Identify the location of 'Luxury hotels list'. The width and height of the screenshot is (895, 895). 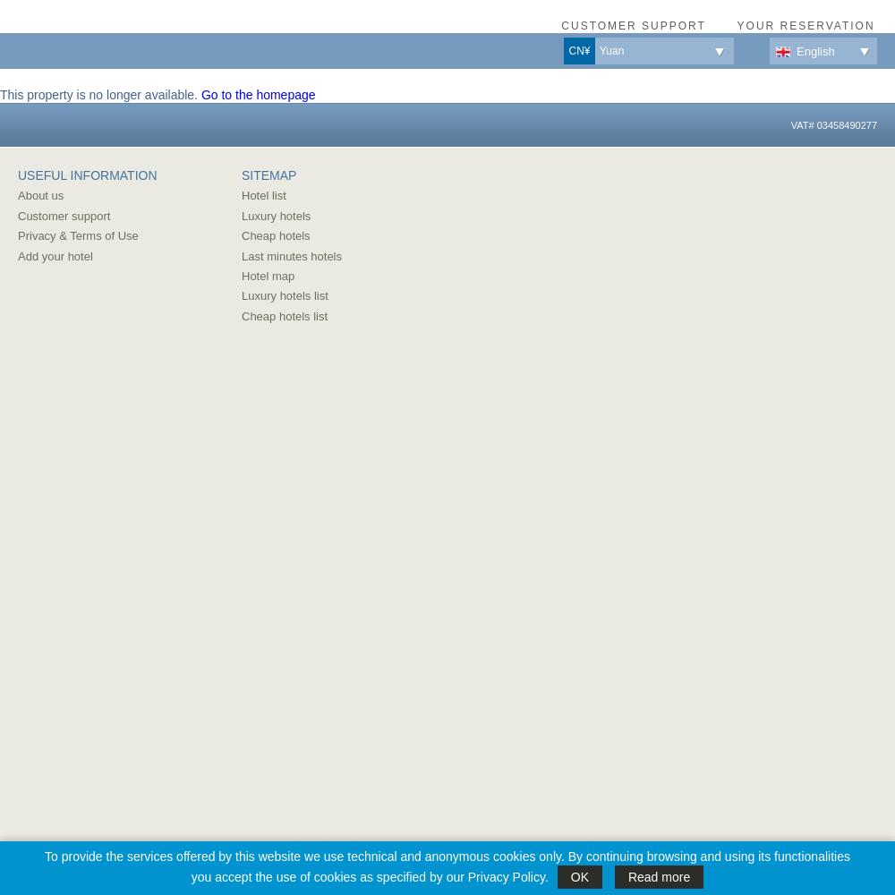
(284, 294).